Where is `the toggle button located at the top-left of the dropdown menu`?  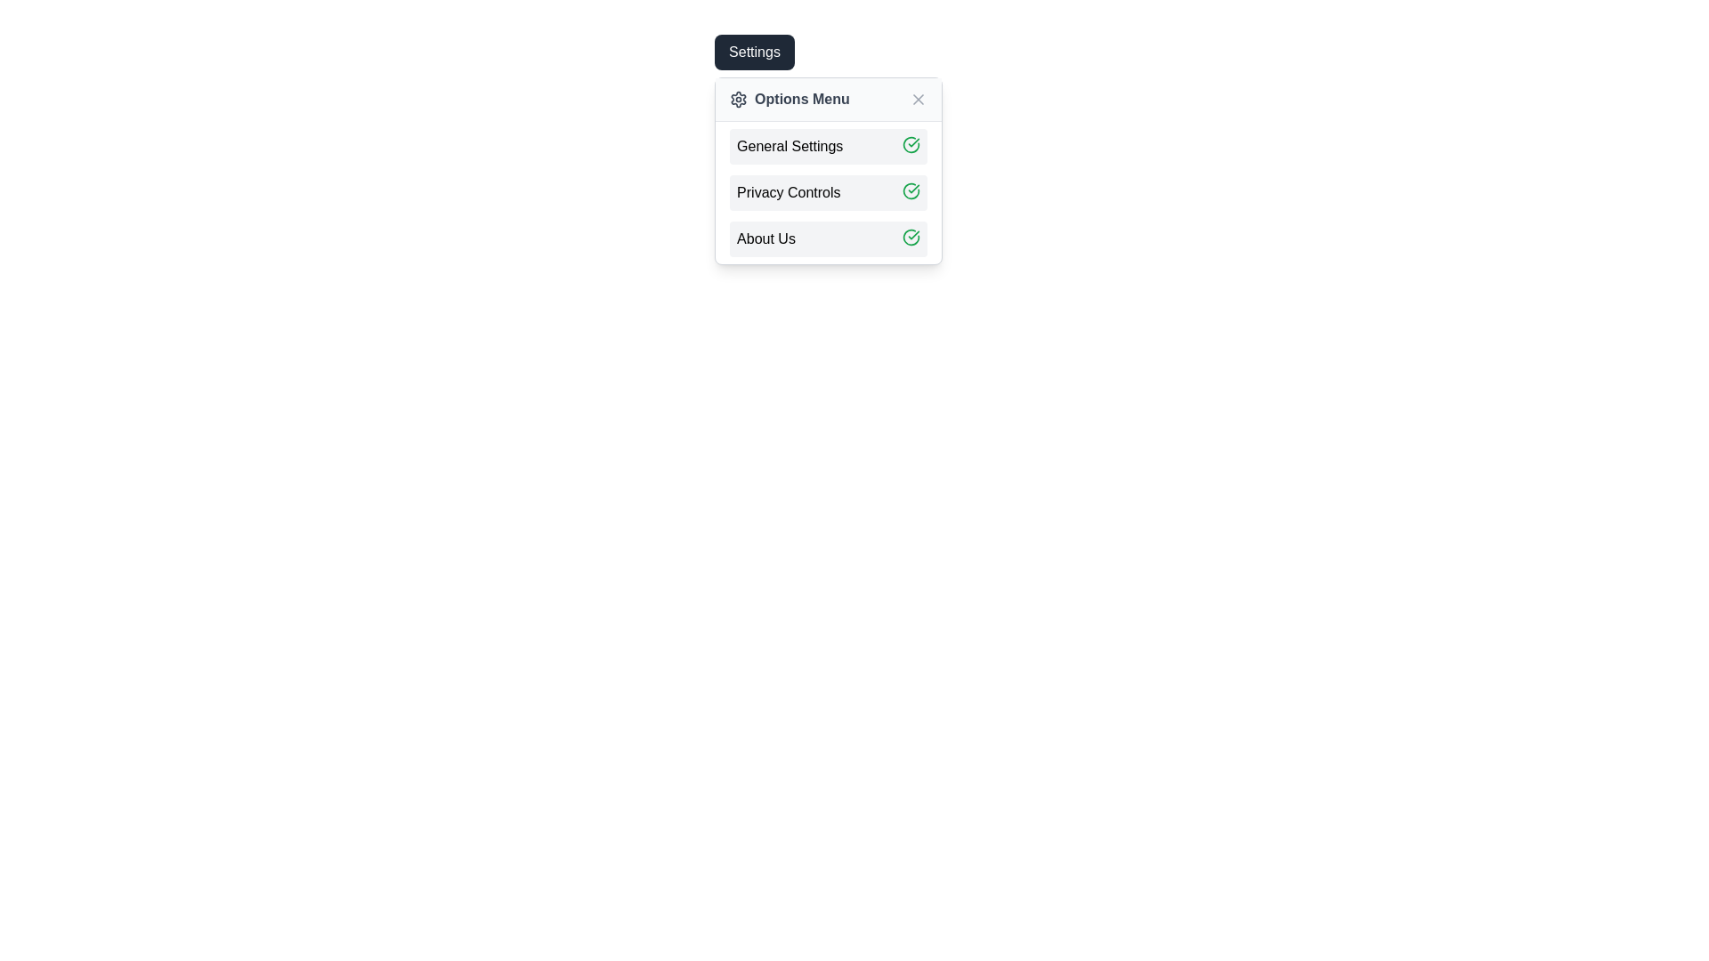
the toggle button located at the top-left of the dropdown menu is located at coordinates (755, 51).